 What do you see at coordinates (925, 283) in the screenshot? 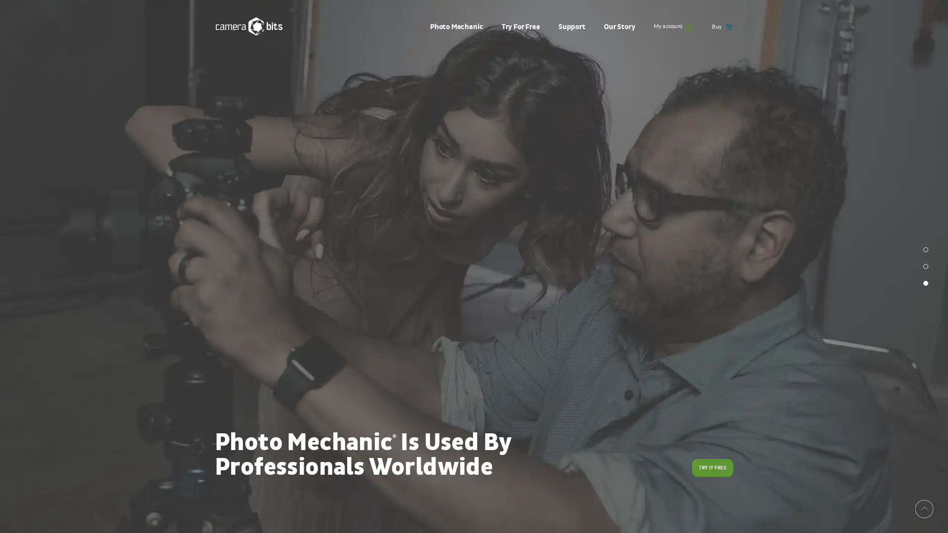
I see `3` at bounding box center [925, 283].